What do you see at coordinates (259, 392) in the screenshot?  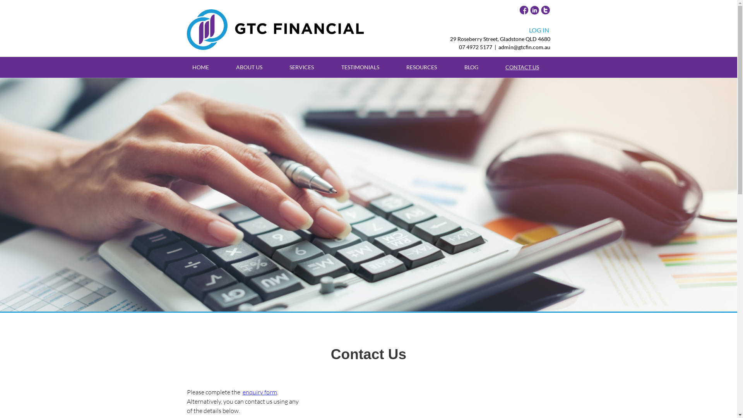 I see `'enquiry form'` at bounding box center [259, 392].